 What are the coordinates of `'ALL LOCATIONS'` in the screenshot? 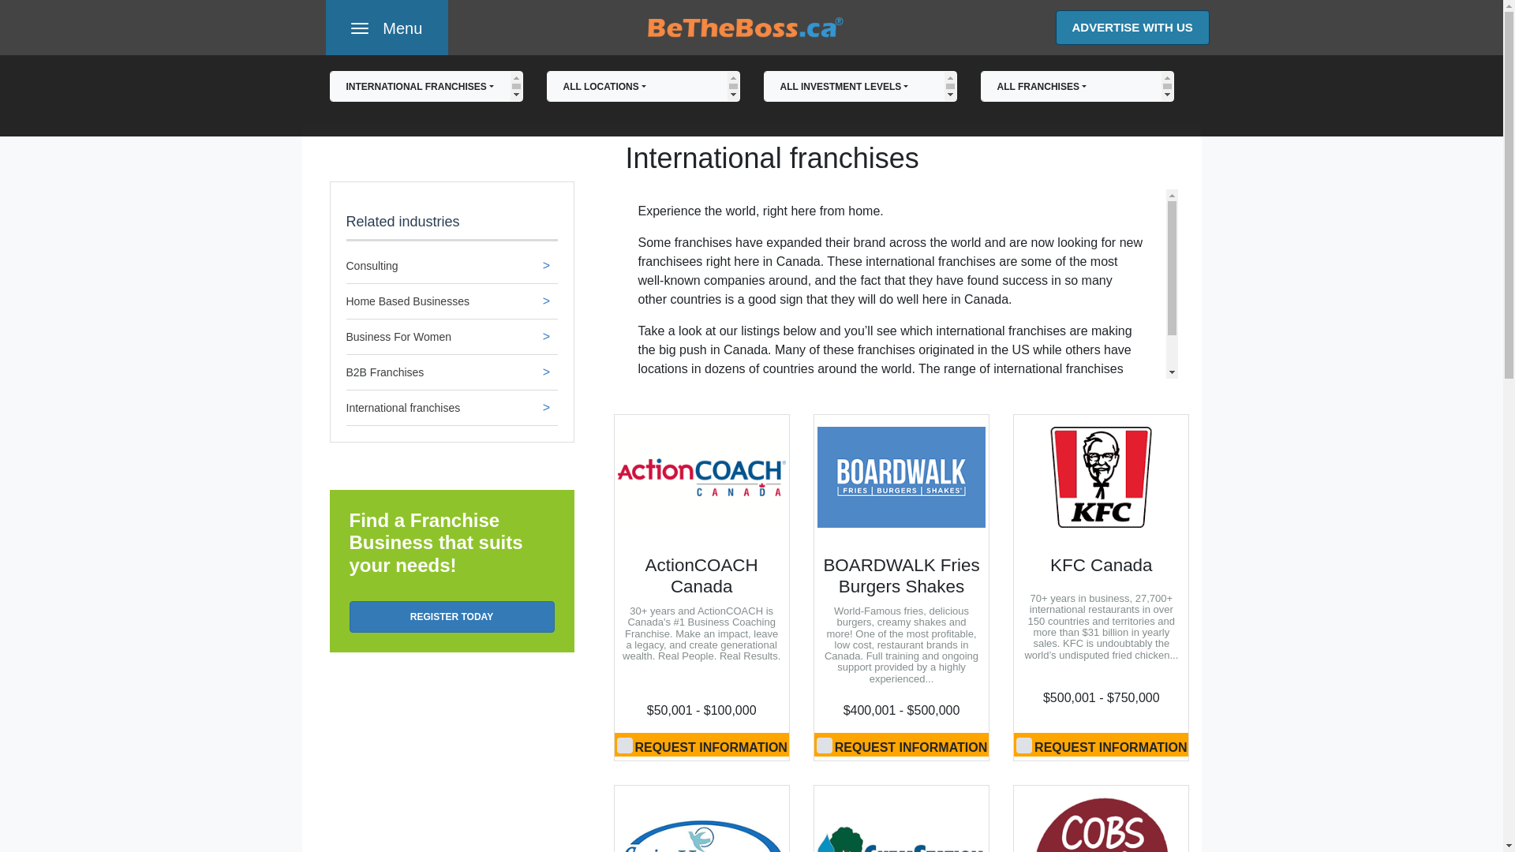 It's located at (642, 86).